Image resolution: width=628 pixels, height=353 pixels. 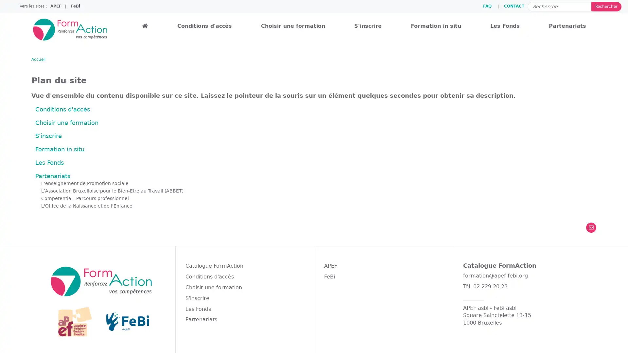 I want to click on Rechercher, so click(x=606, y=6).